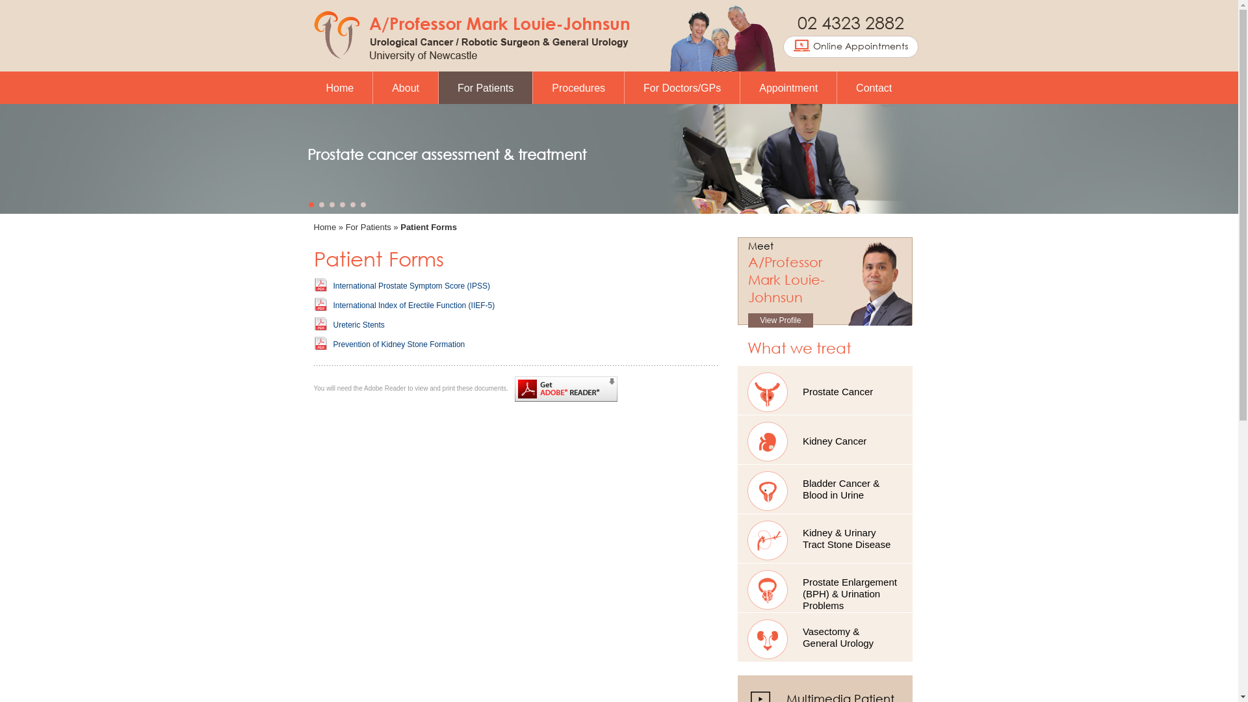 The width and height of the screenshot is (1248, 702). I want to click on 'About', so click(405, 88).